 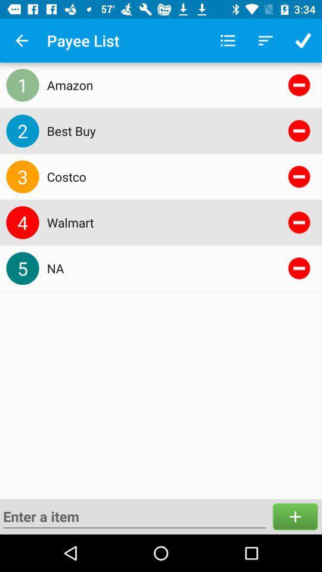 What do you see at coordinates (298, 268) in the screenshot?
I see `the symbol whch is right hand side of the text na` at bounding box center [298, 268].